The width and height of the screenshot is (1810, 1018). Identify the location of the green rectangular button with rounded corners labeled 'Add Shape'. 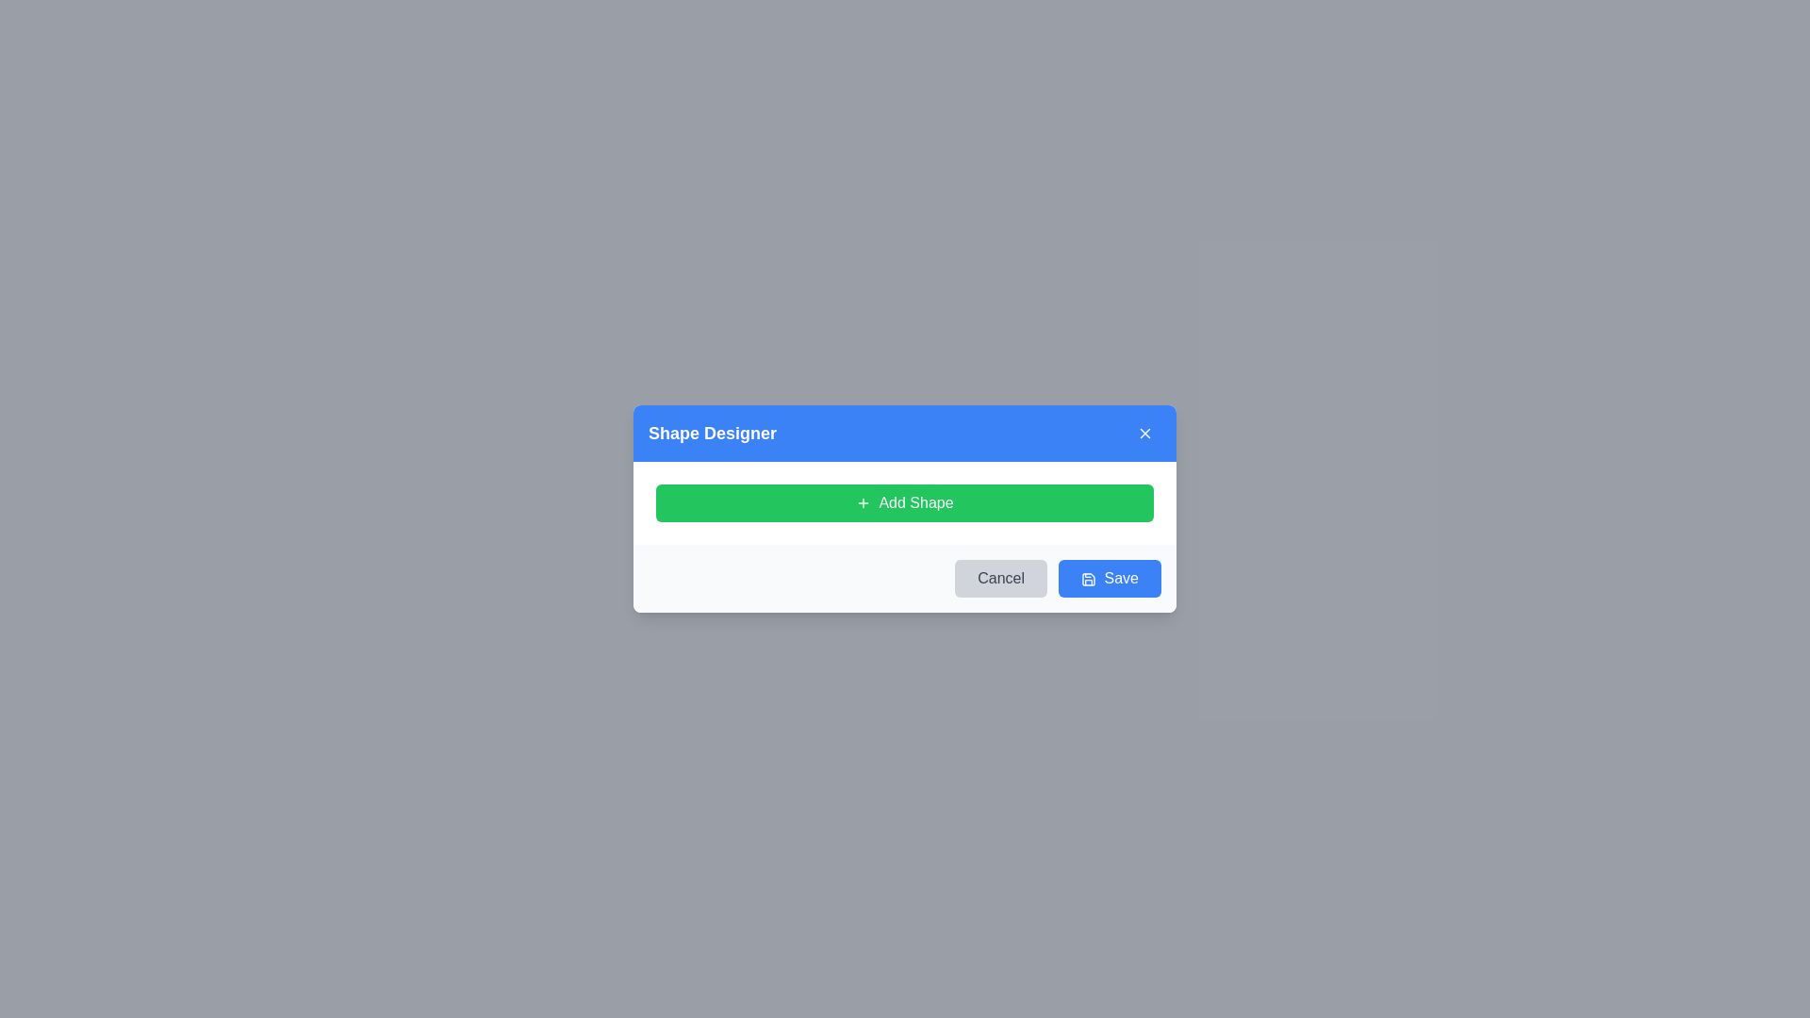
(905, 501).